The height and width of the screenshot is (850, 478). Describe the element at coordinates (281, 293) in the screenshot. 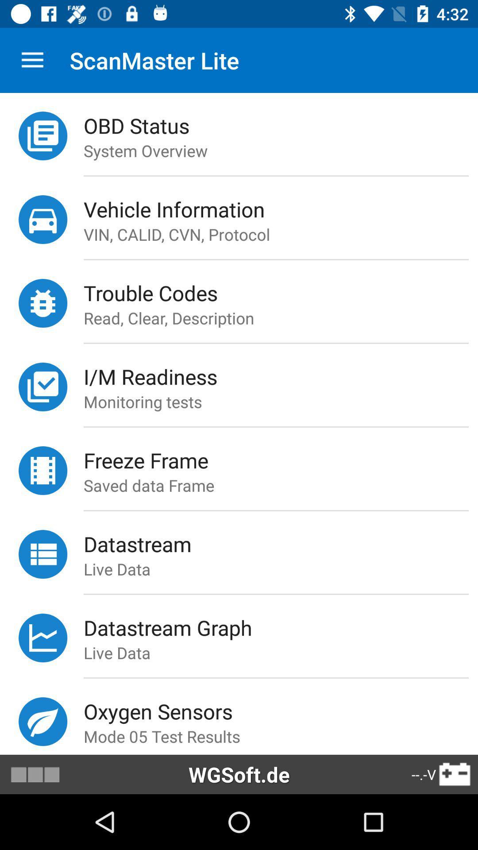

I see `trouble codes icon` at that location.